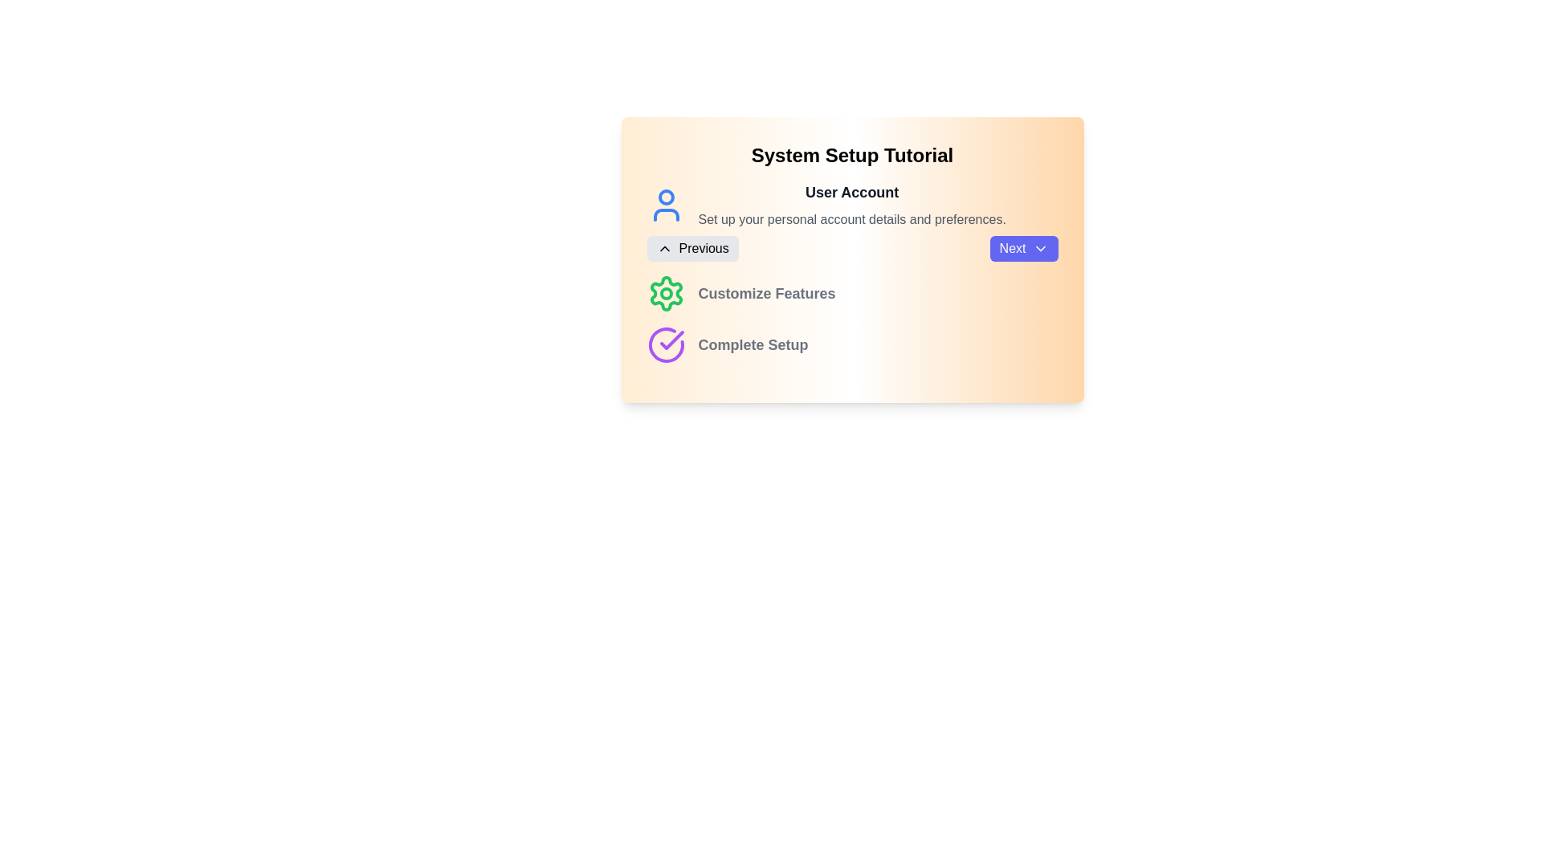 The image size is (1542, 867). I want to click on the text content of the active step, so click(698, 210).